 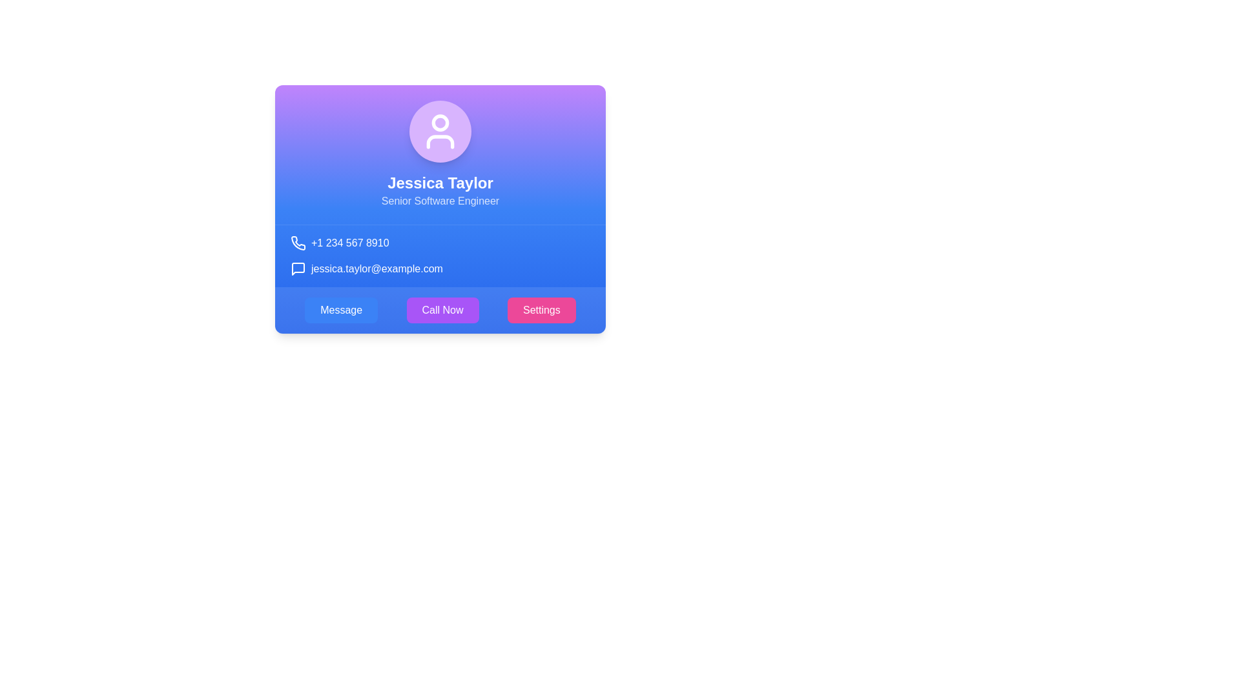 What do you see at coordinates (297, 268) in the screenshot?
I see `the speech bubble icon located to the left of the email address 'jessica.taylor@example.com' in the middle section of the card interface` at bounding box center [297, 268].